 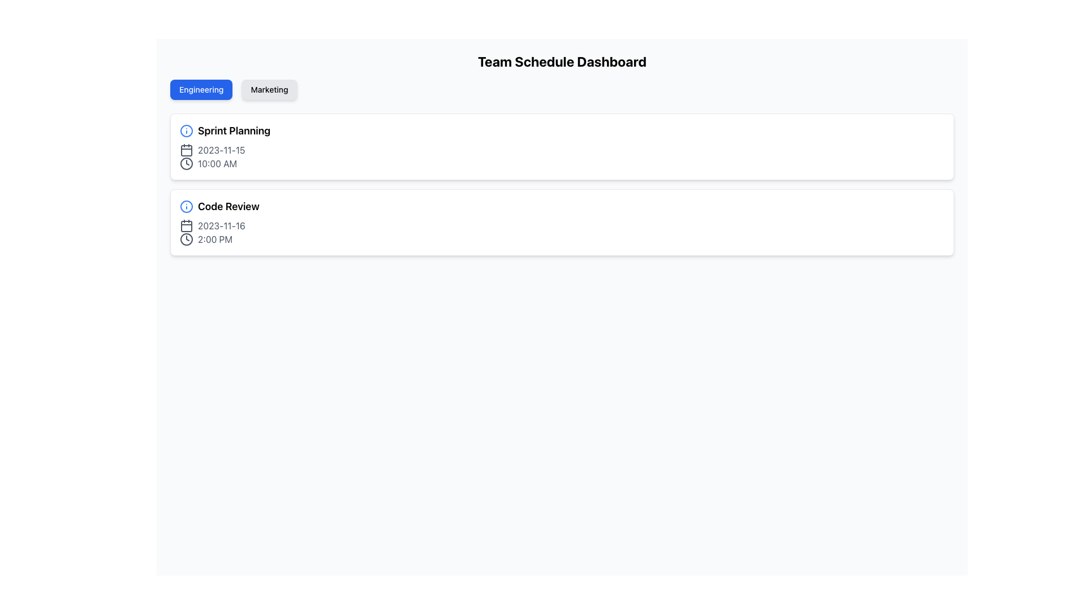 I want to click on the informational icon located to the left of the 'Sprint Planning' text in the first item of the vertically stacked list in the Engineering section of the main dashboard interface, so click(x=187, y=130).